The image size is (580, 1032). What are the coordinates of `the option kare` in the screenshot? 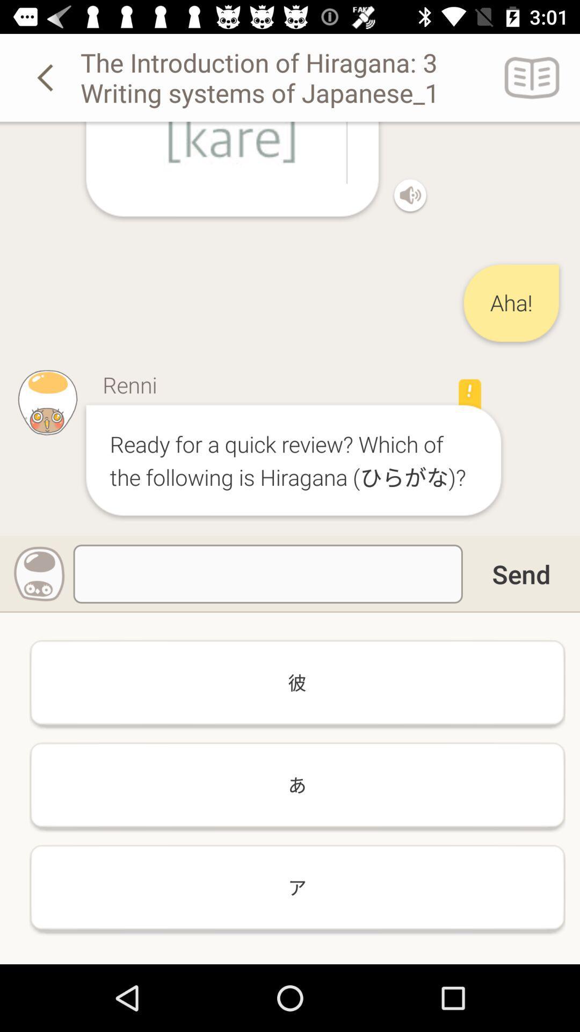 It's located at (231, 153).